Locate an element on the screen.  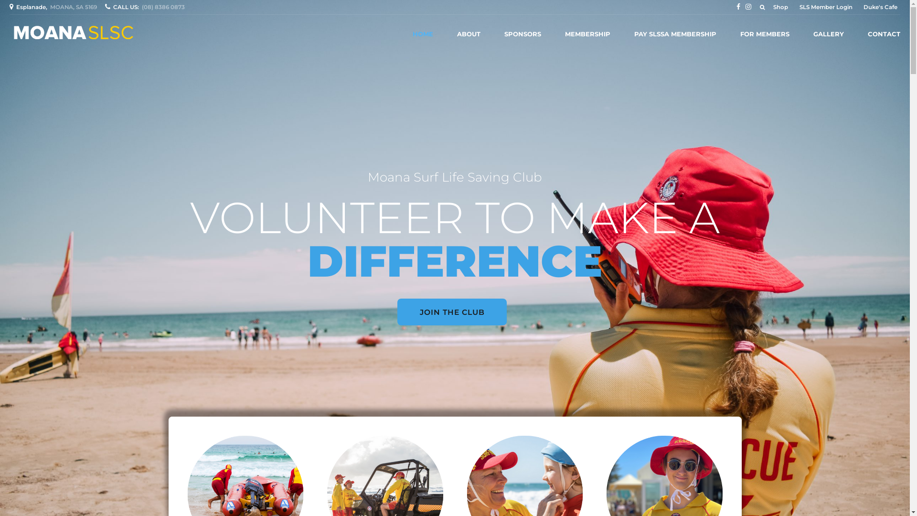
'GALLERY' is located at coordinates (828, 33).